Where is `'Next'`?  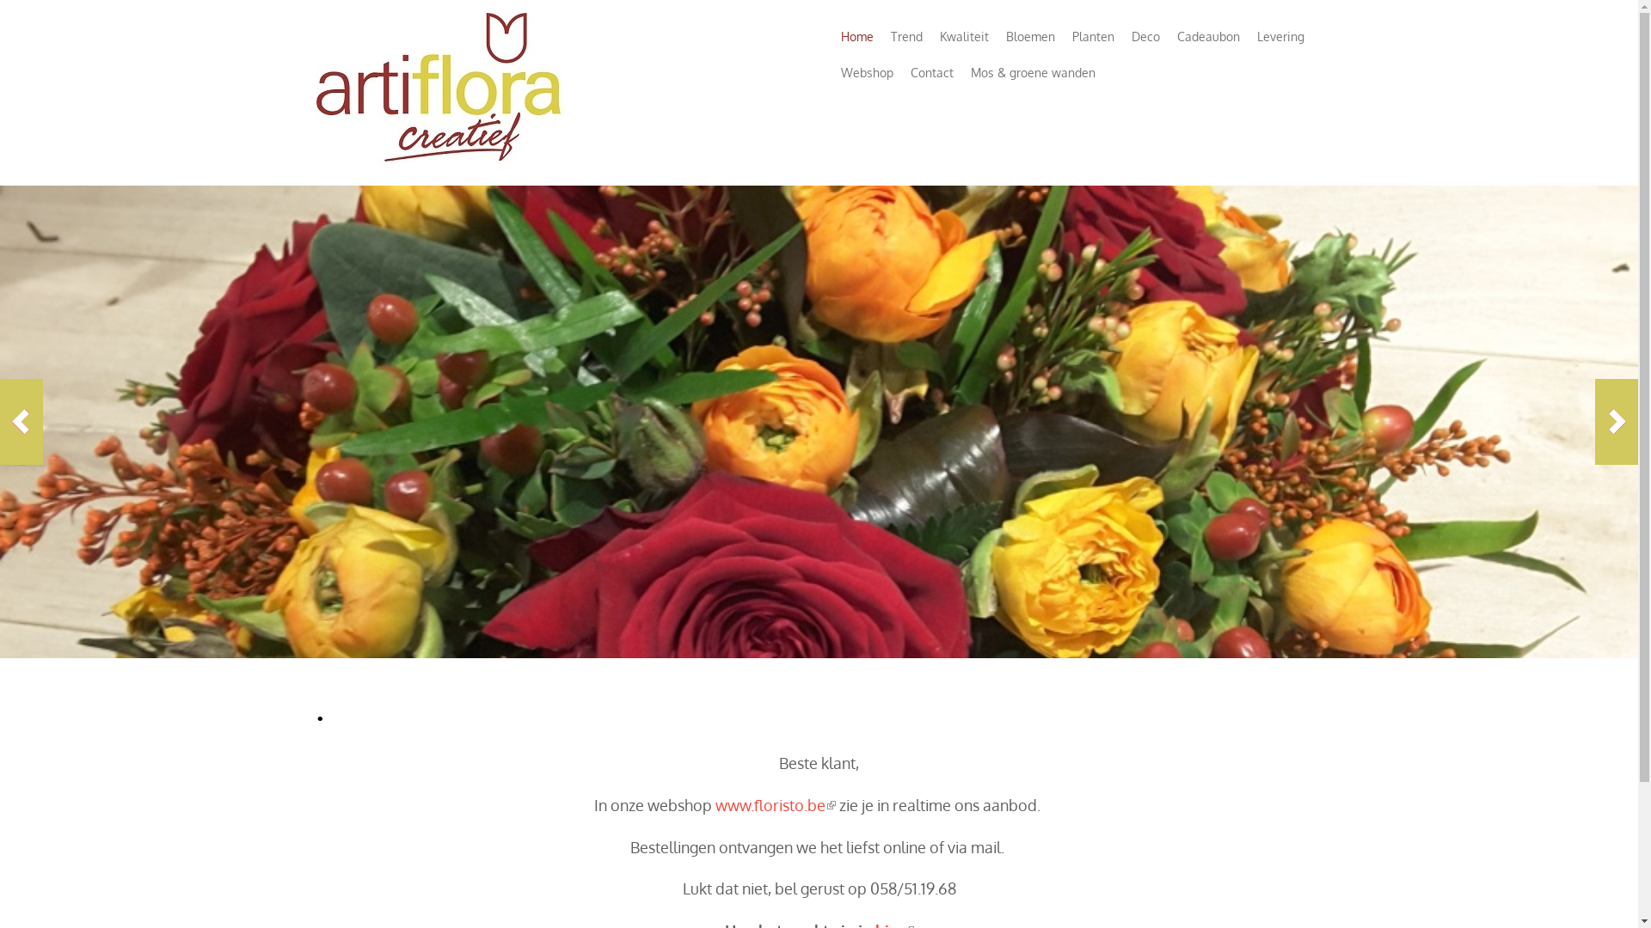
'Next' is located at coordinates (1616, 421).